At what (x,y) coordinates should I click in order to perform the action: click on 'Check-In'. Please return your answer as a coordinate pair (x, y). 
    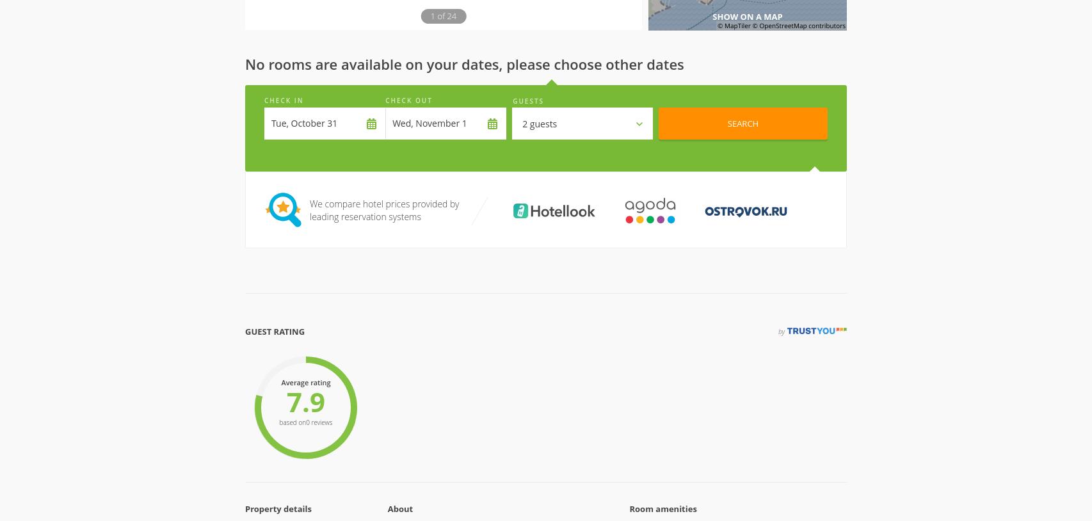
    Looking at the image, I should click on (422, 271).